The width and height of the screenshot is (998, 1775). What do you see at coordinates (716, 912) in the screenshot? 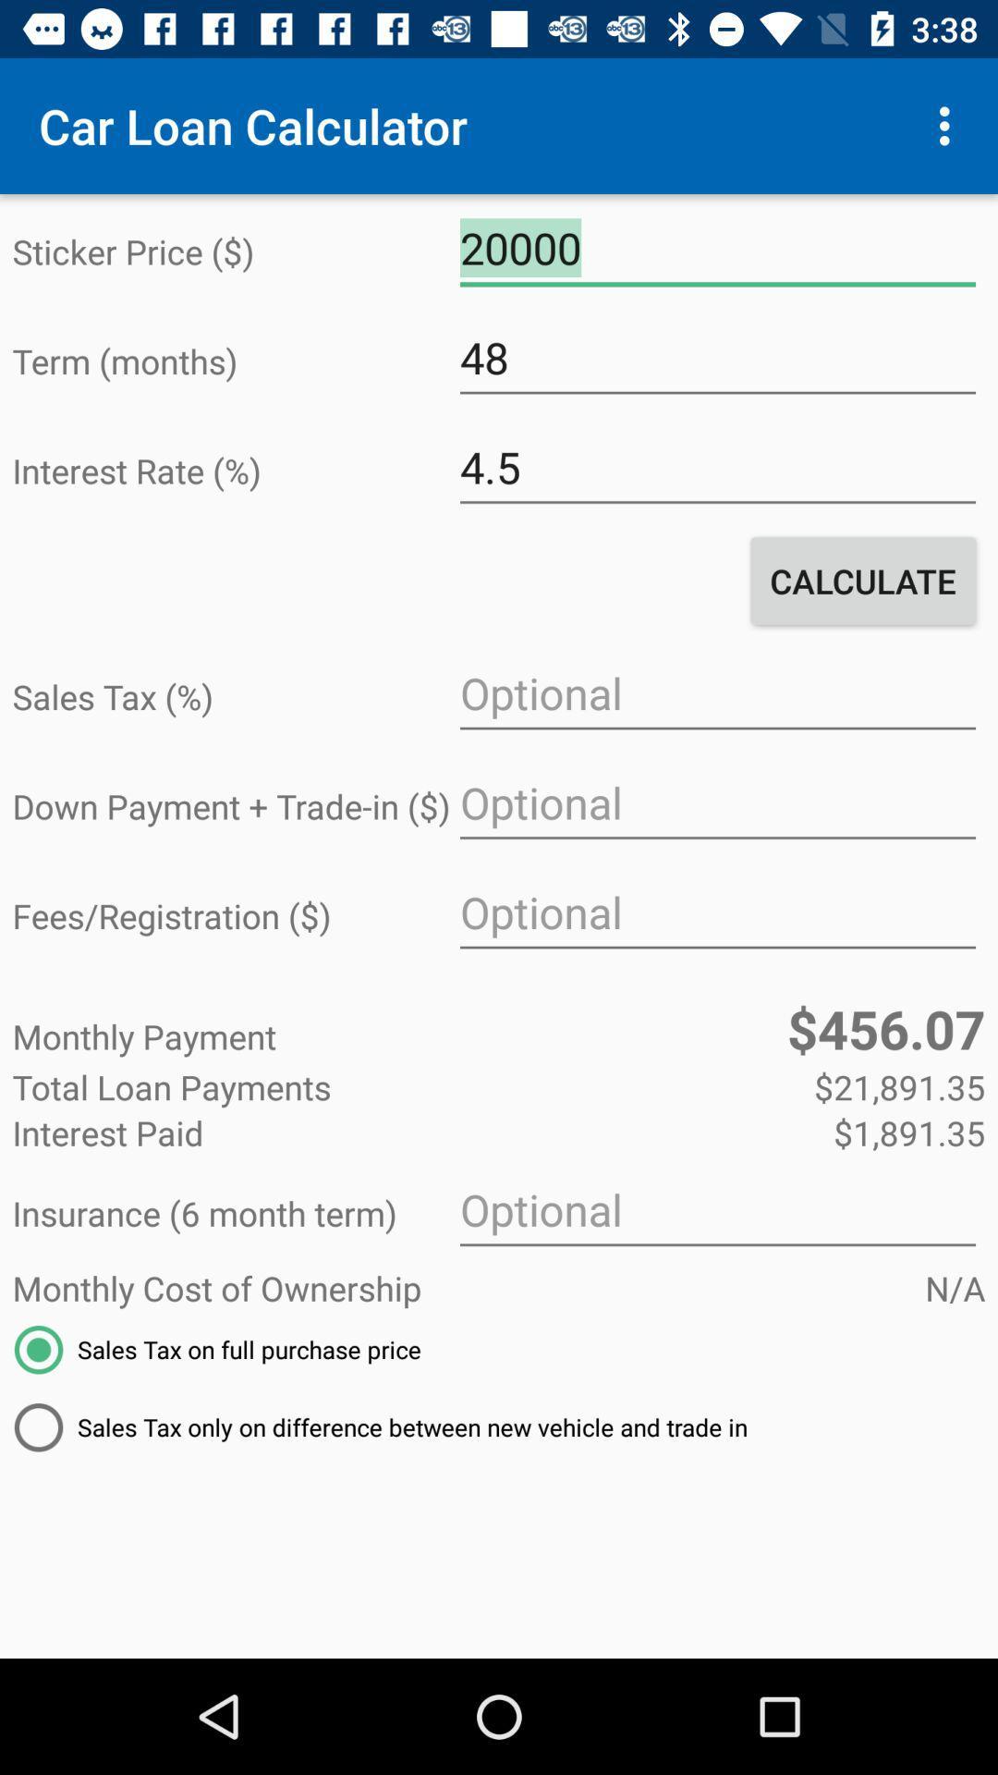
I see `item above the $456.07` at bounding box center [716, 912].